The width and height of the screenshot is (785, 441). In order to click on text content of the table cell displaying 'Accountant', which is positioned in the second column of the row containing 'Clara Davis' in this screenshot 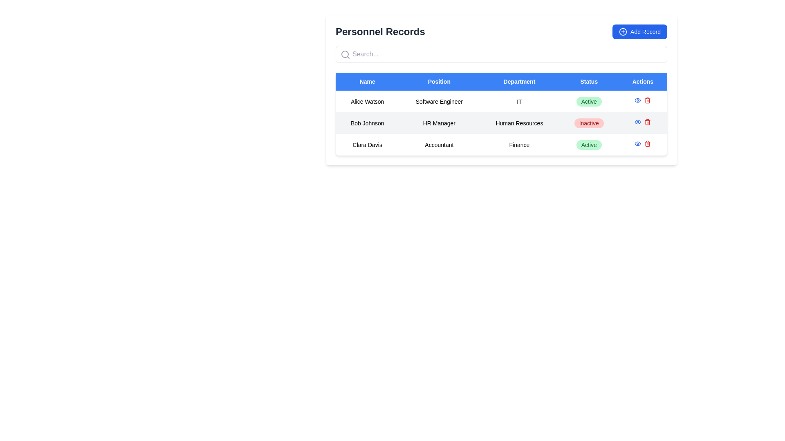, I will do `click(439, 144)`.